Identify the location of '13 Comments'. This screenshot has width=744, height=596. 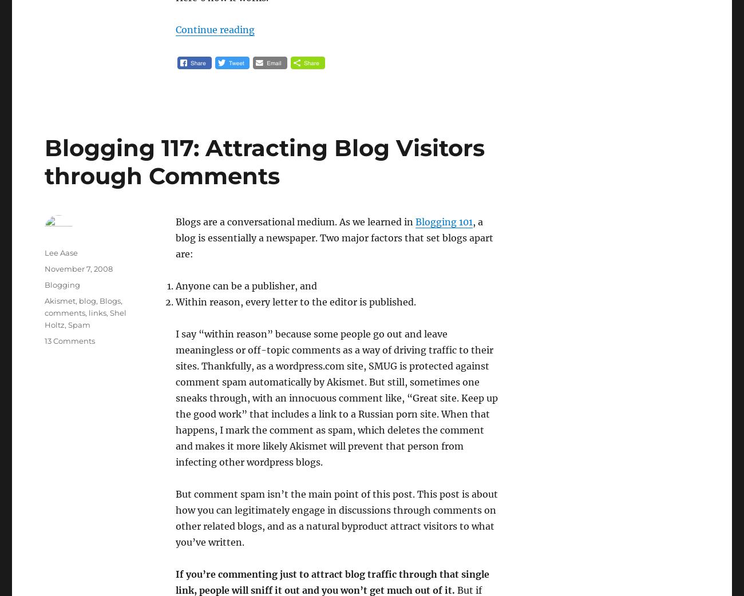
(69, 340).